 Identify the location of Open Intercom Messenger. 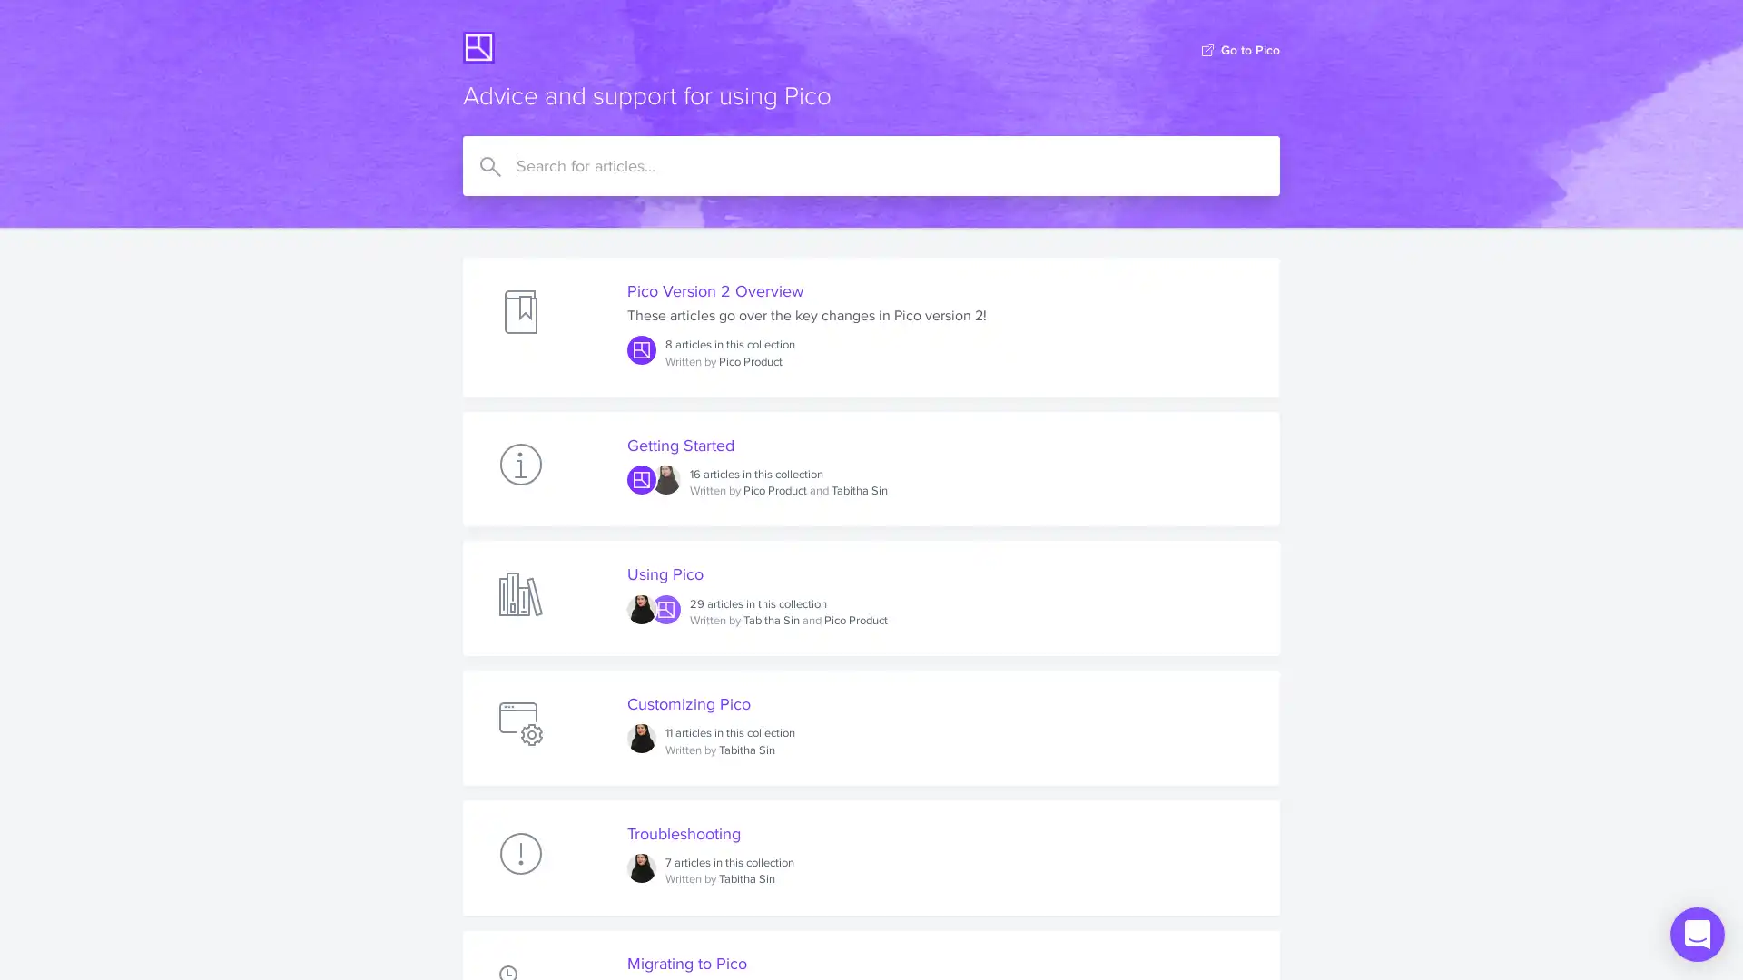
(1697, 934).